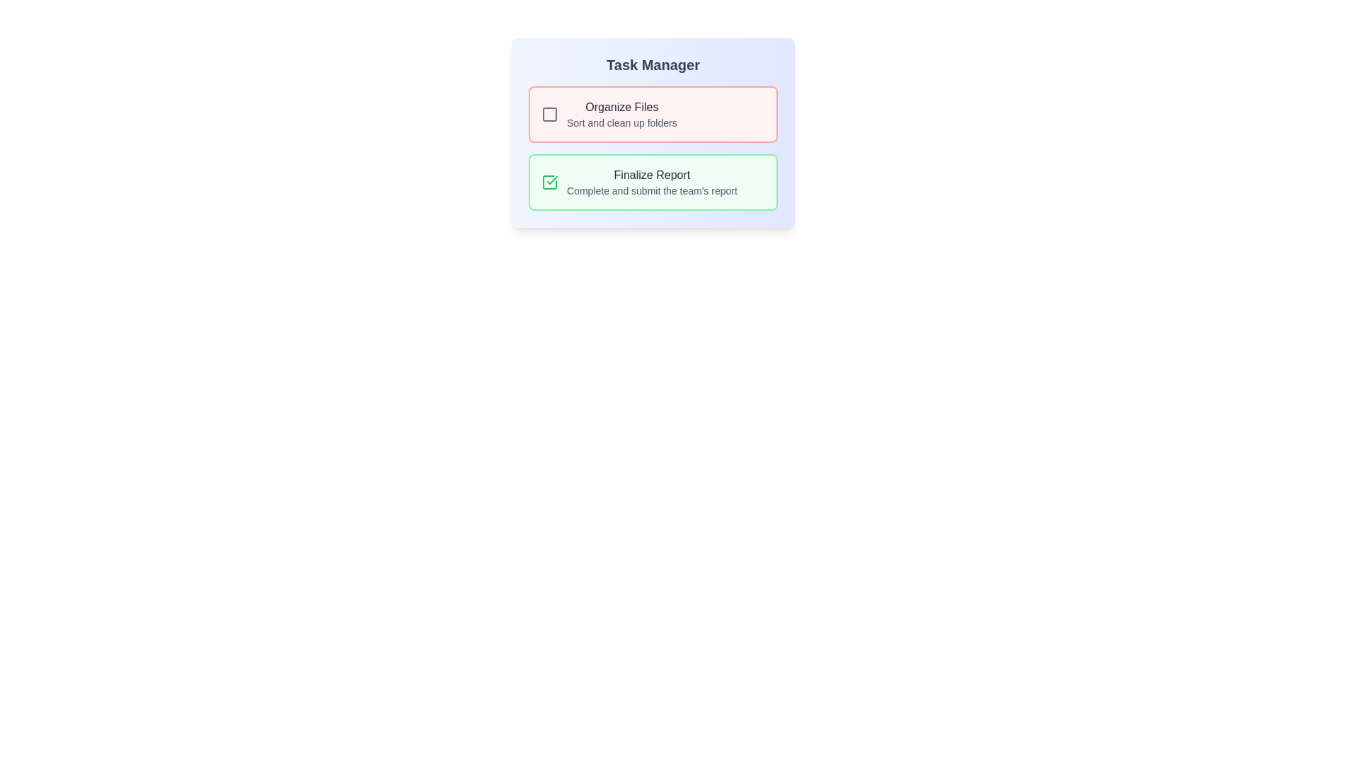  What do you see at coordinates (621, 122) in the screenshot?
I see `the text label providing additional information for the 'Organize Files' task, located in the upper central portion of the interface` at bounding box center [621, 122].